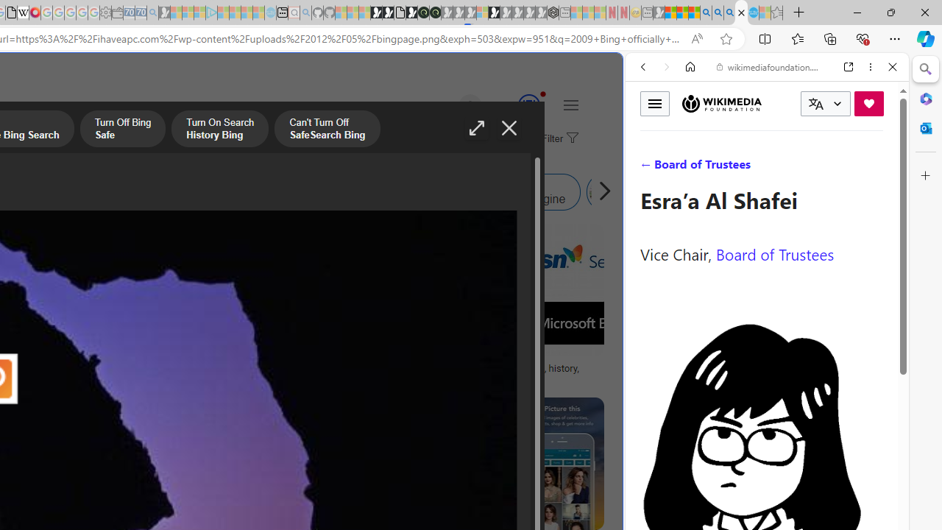 The width and height of the screenshot is (942, 530). I want to click on 'Wikimedia Foundation', so click(721, 103).